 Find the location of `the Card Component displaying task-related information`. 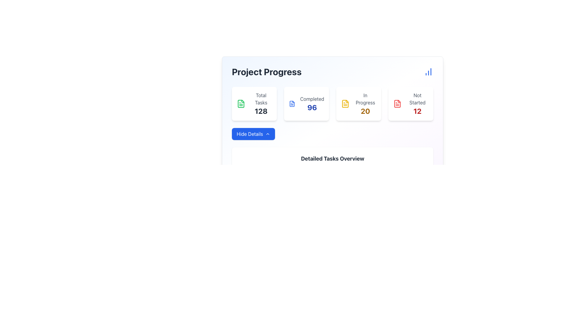

the Card Component displaying task-related information is located at coordinates (254, 103).